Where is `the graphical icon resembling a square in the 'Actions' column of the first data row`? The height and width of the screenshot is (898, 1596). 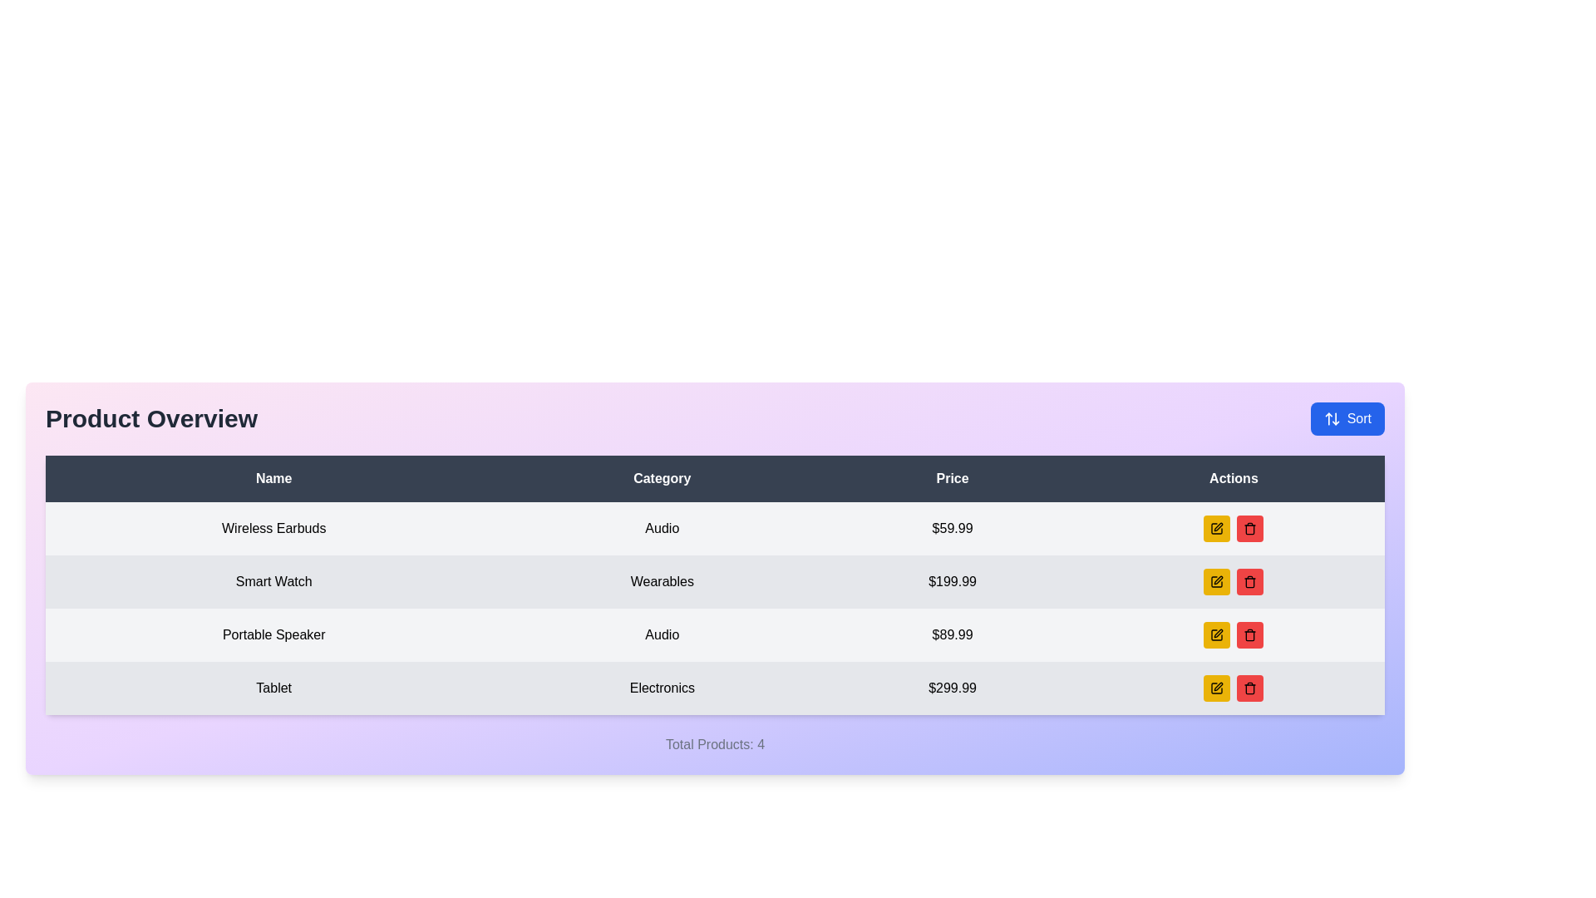
the graphical icon resembling a square in the 'Actions' column of the first data row is located at coordinates (1217, 529).